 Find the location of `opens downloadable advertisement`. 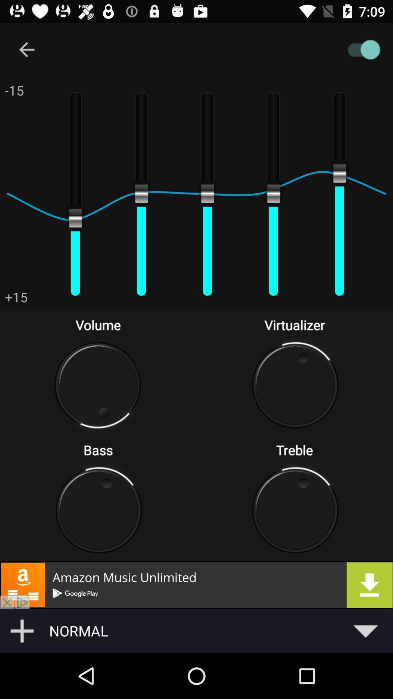

opens downloadable advertisement is located at coordinates (196, 585).